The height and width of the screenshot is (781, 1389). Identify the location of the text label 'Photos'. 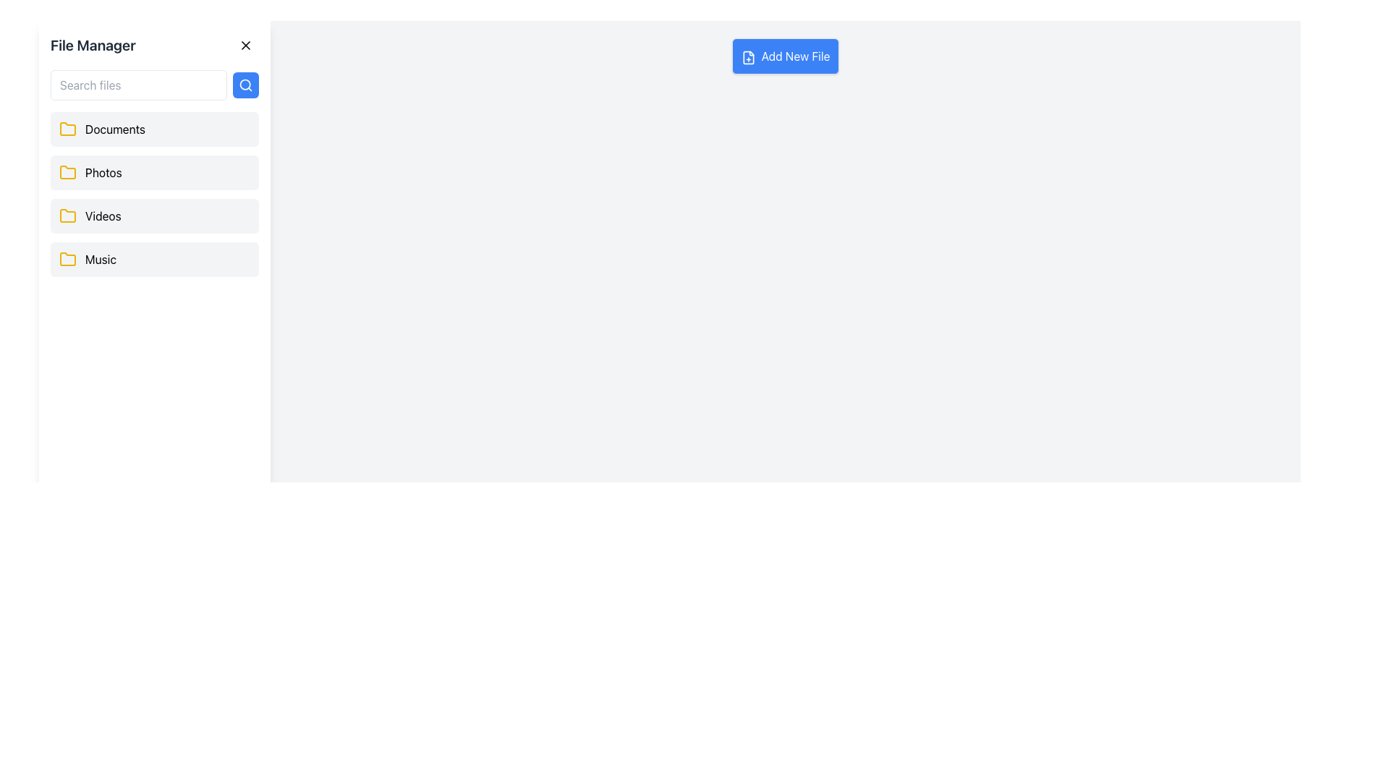
(103, 172).